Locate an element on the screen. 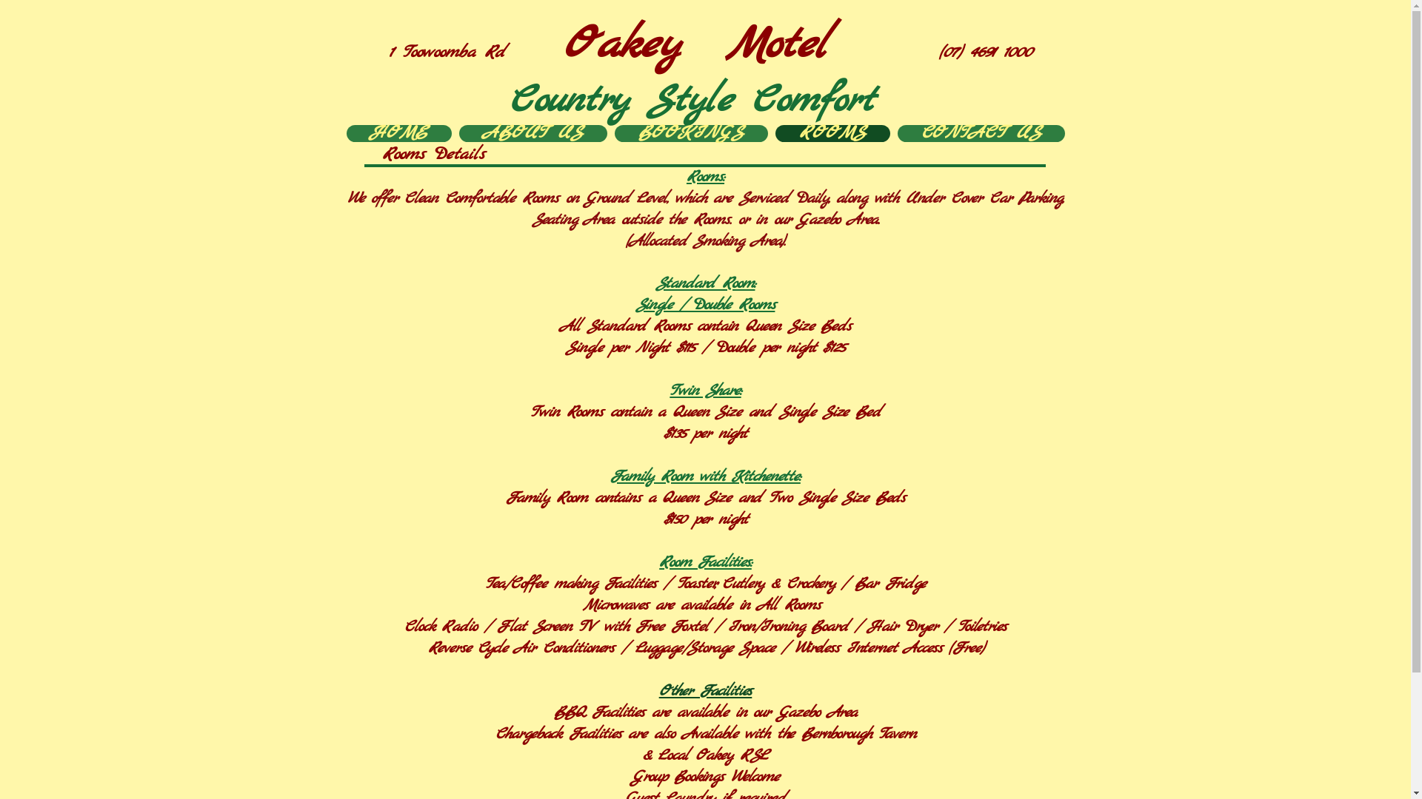 This screenshot has width=1422, height=799. 'ROOMS' is located at coordinates (832, 133).